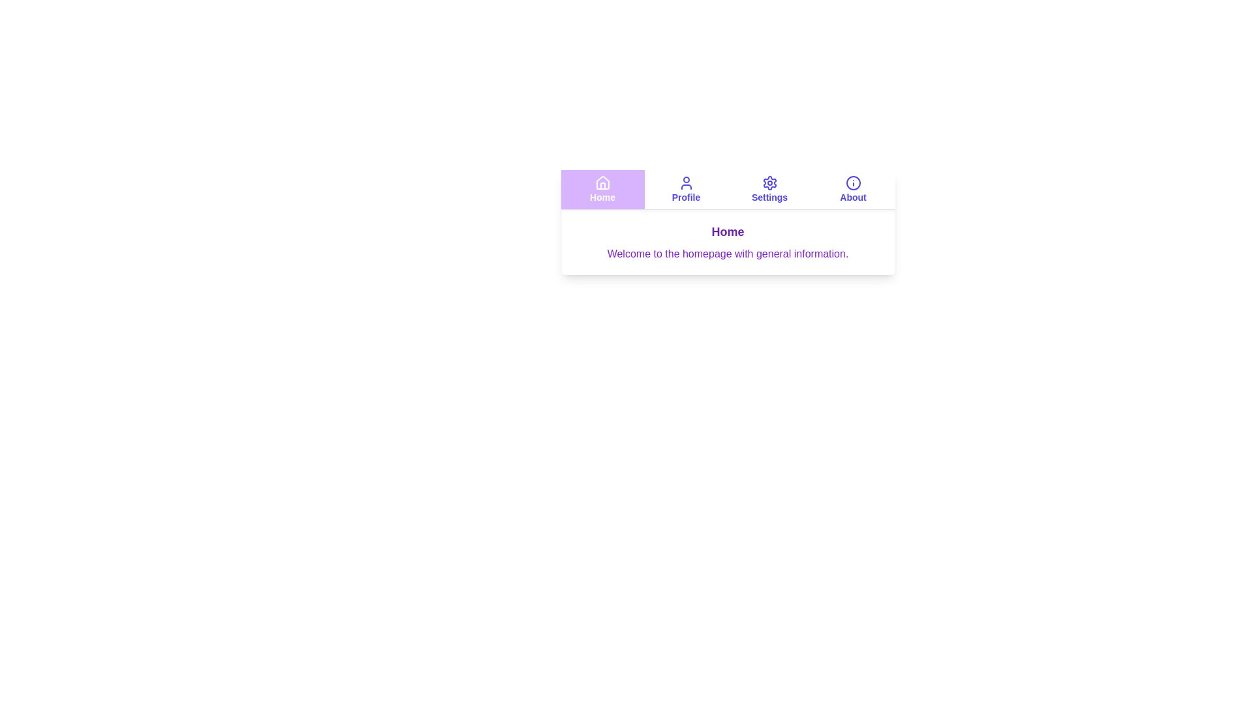  What do you see at coordinates (853, 189) in the screenshot?
I see `the About tab to navigate to it` at bounding box center [853, 189].